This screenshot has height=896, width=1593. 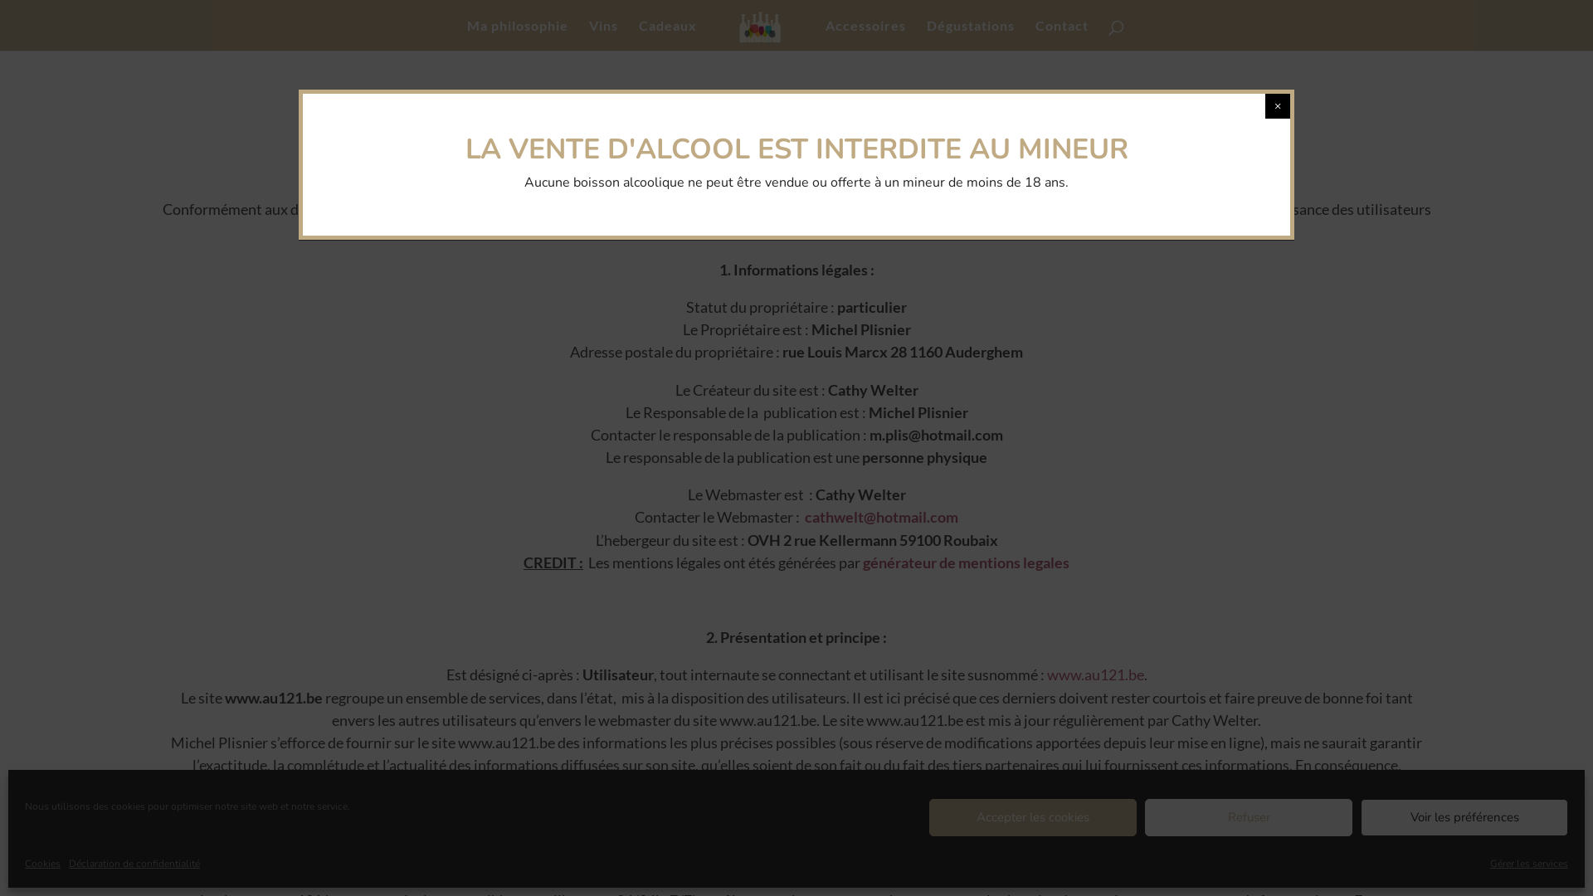 What do you see at coordinates (42, 863) in the screenshot?
I see `'Cookies'` at bounding box center [42, 863].